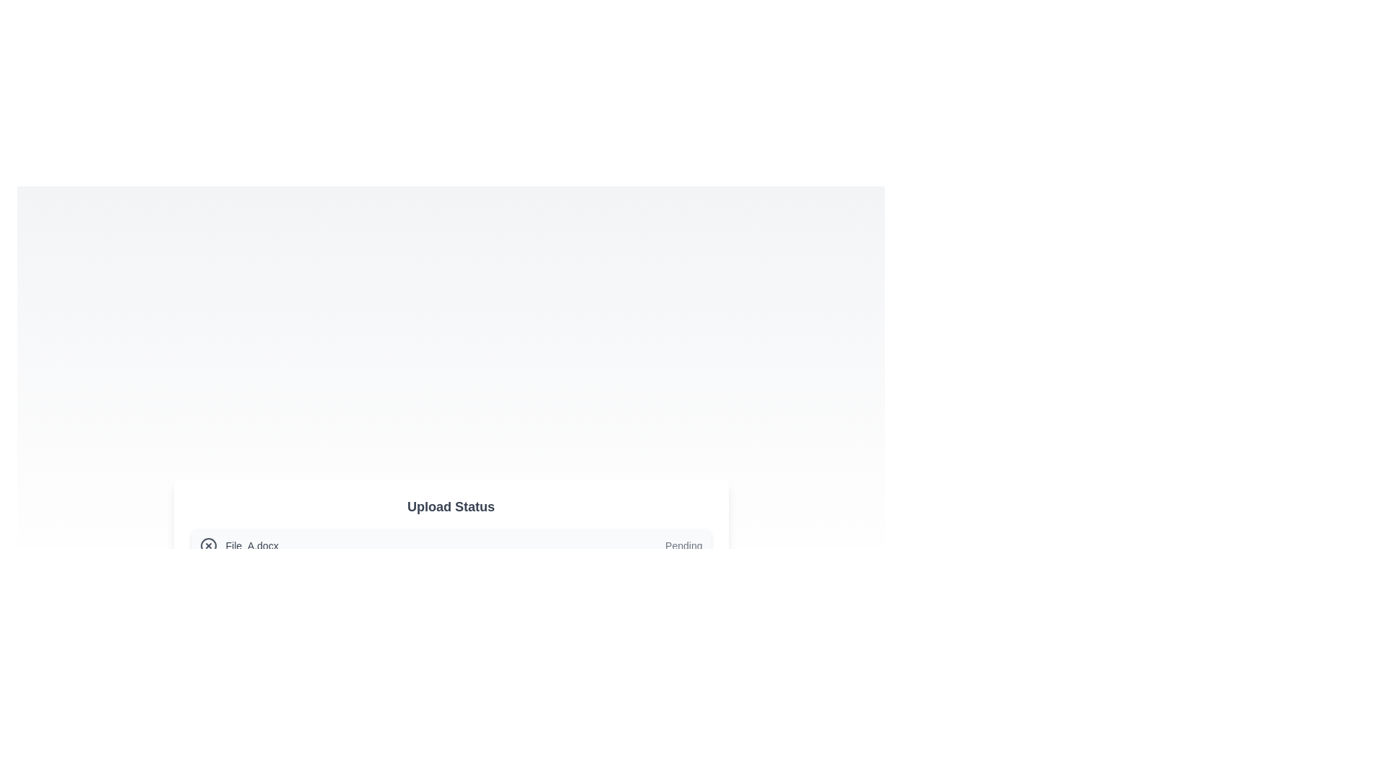 The width and height of the screenshot is (1387, 780). I want to click on the status of the circular checkmark icon located on the left side of the horizontal bar displaying the filename 'File_B.png', so click(207, 592).